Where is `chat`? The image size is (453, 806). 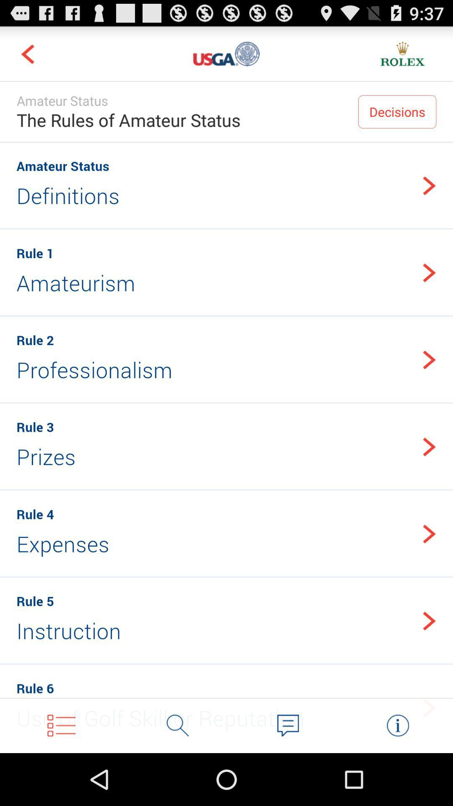 chat is located at coordinates (287, 725).